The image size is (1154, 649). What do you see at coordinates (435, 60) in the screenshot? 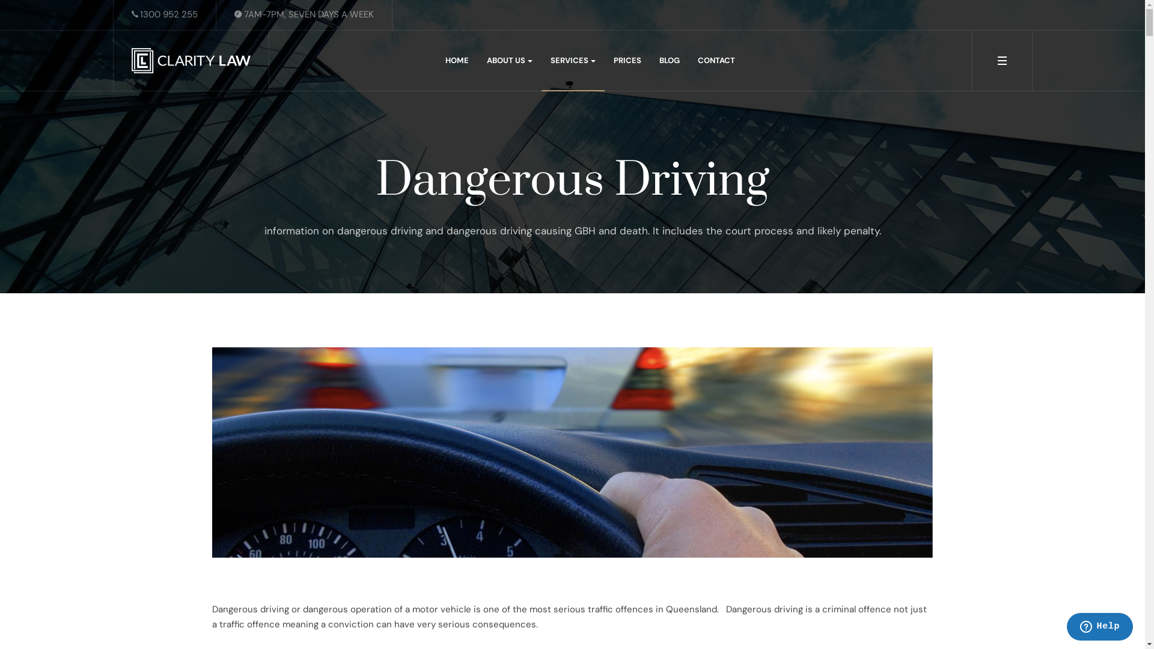
I see `'HOME'` at bounding box center [435, 60].